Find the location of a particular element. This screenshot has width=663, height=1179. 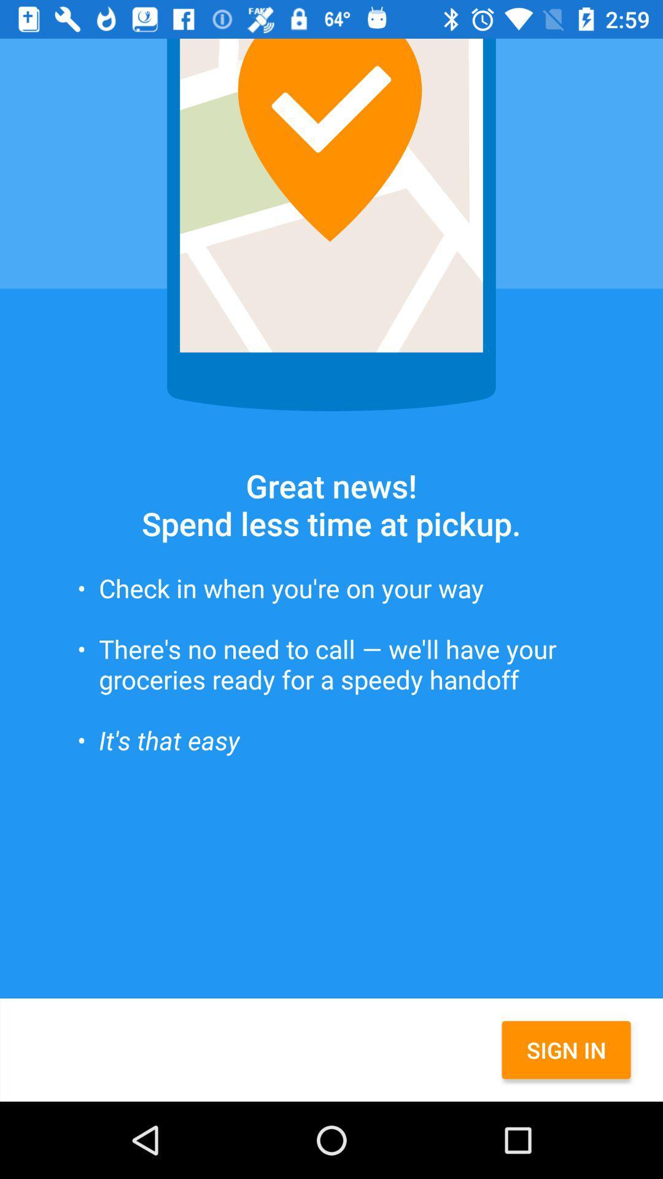

sign in item is located at coordinates (566, 1049).